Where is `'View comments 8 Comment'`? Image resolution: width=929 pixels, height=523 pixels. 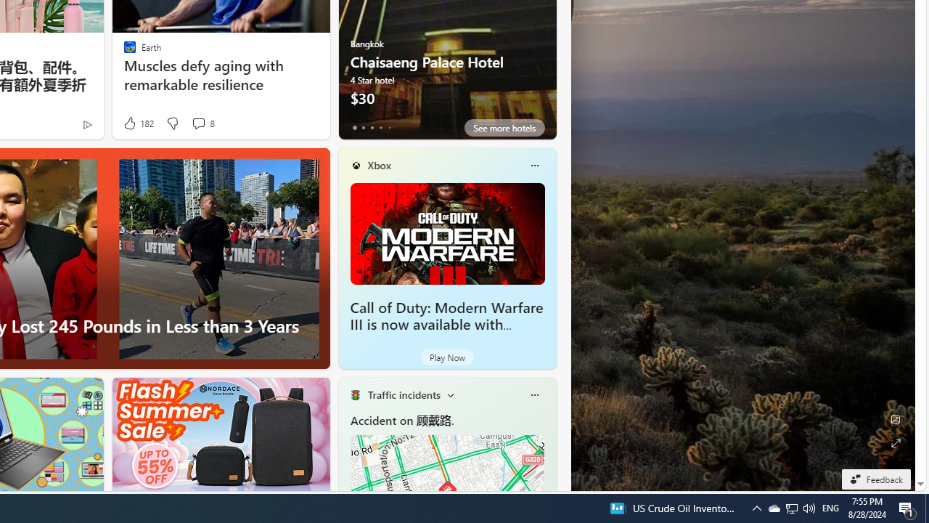 'View comments 8 Comment' is located at coordinates (197, 122).